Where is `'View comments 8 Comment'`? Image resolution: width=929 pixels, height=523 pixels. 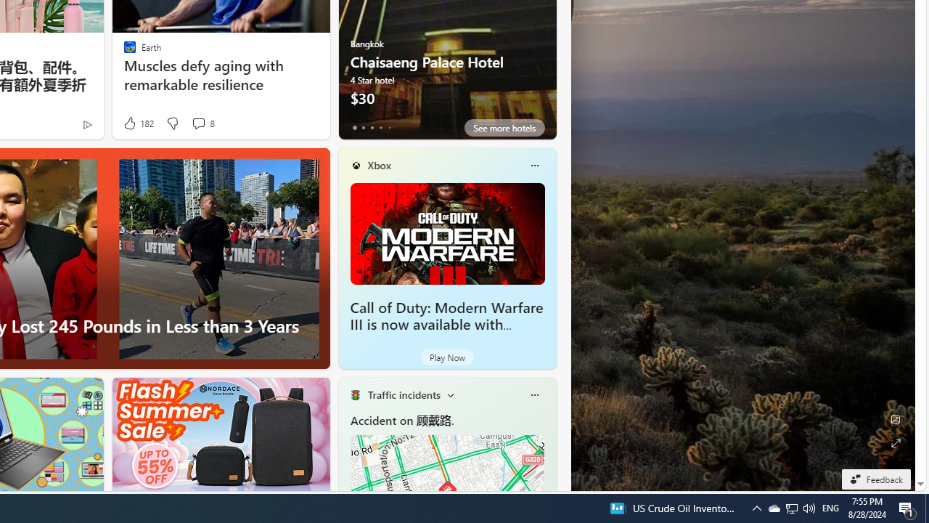 'View comments 8 Comment' is located at coordinates (197, 122).